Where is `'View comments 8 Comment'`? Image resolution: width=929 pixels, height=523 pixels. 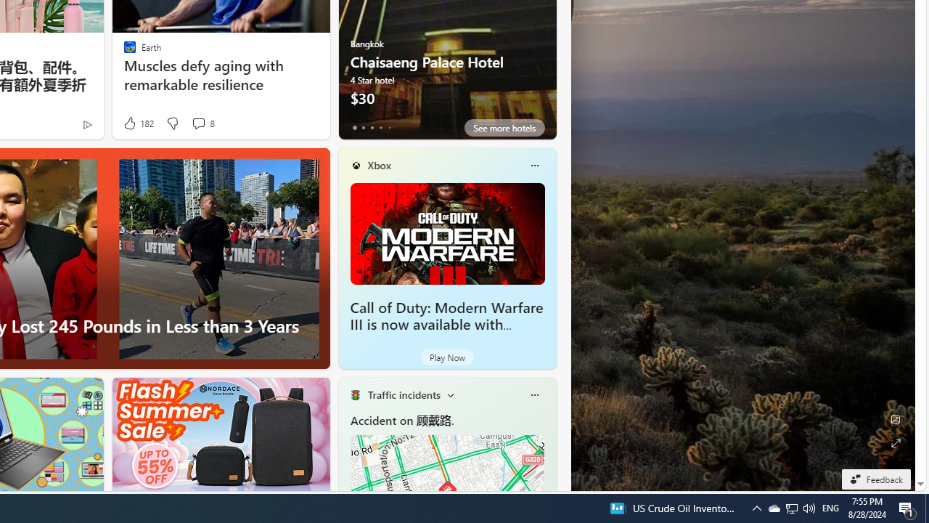 'View comments 8 Comment' is located at coordinates (197, 122).